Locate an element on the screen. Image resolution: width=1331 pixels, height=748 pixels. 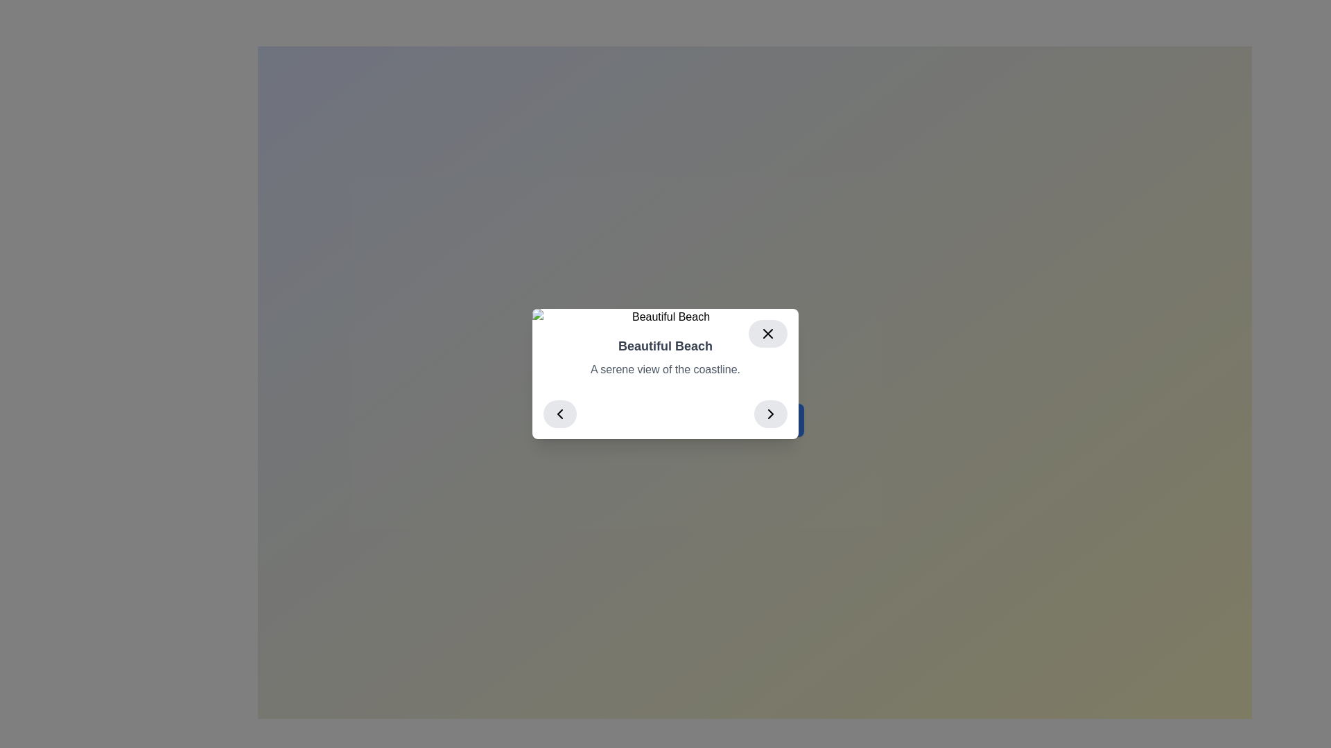
the circular button with a light gray background and a black left-pointing chevron icon at its center for possible extended functionality is located at coordinates (559, 413).